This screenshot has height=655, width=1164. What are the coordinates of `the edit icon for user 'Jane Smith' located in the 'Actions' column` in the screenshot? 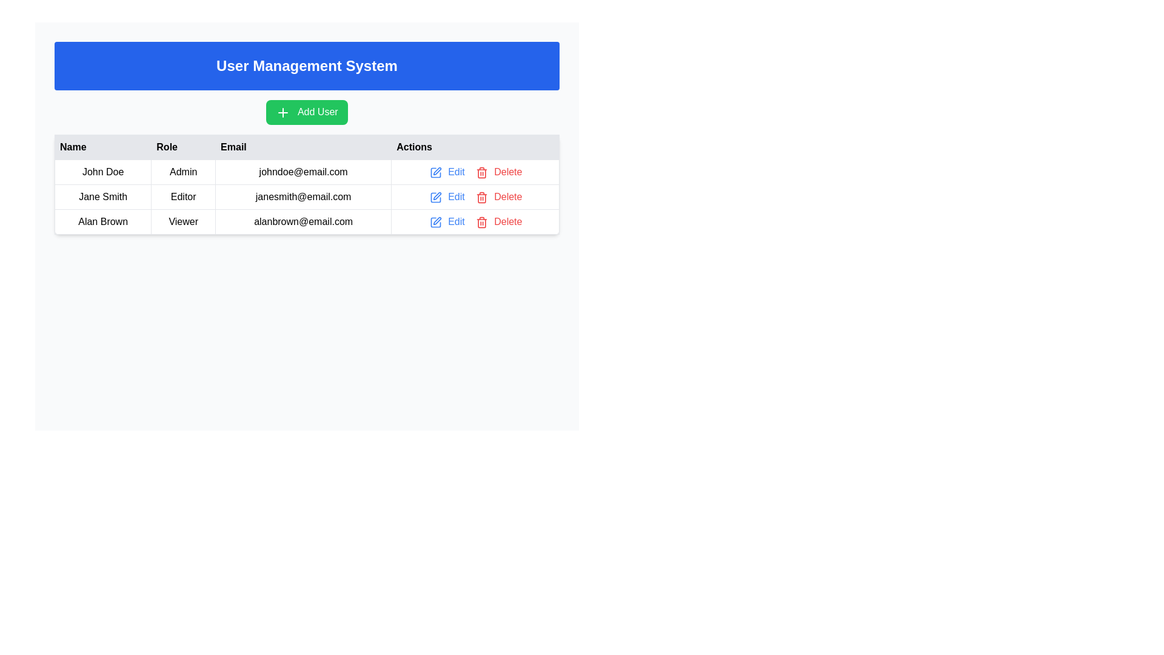 It's located at (436, 170).